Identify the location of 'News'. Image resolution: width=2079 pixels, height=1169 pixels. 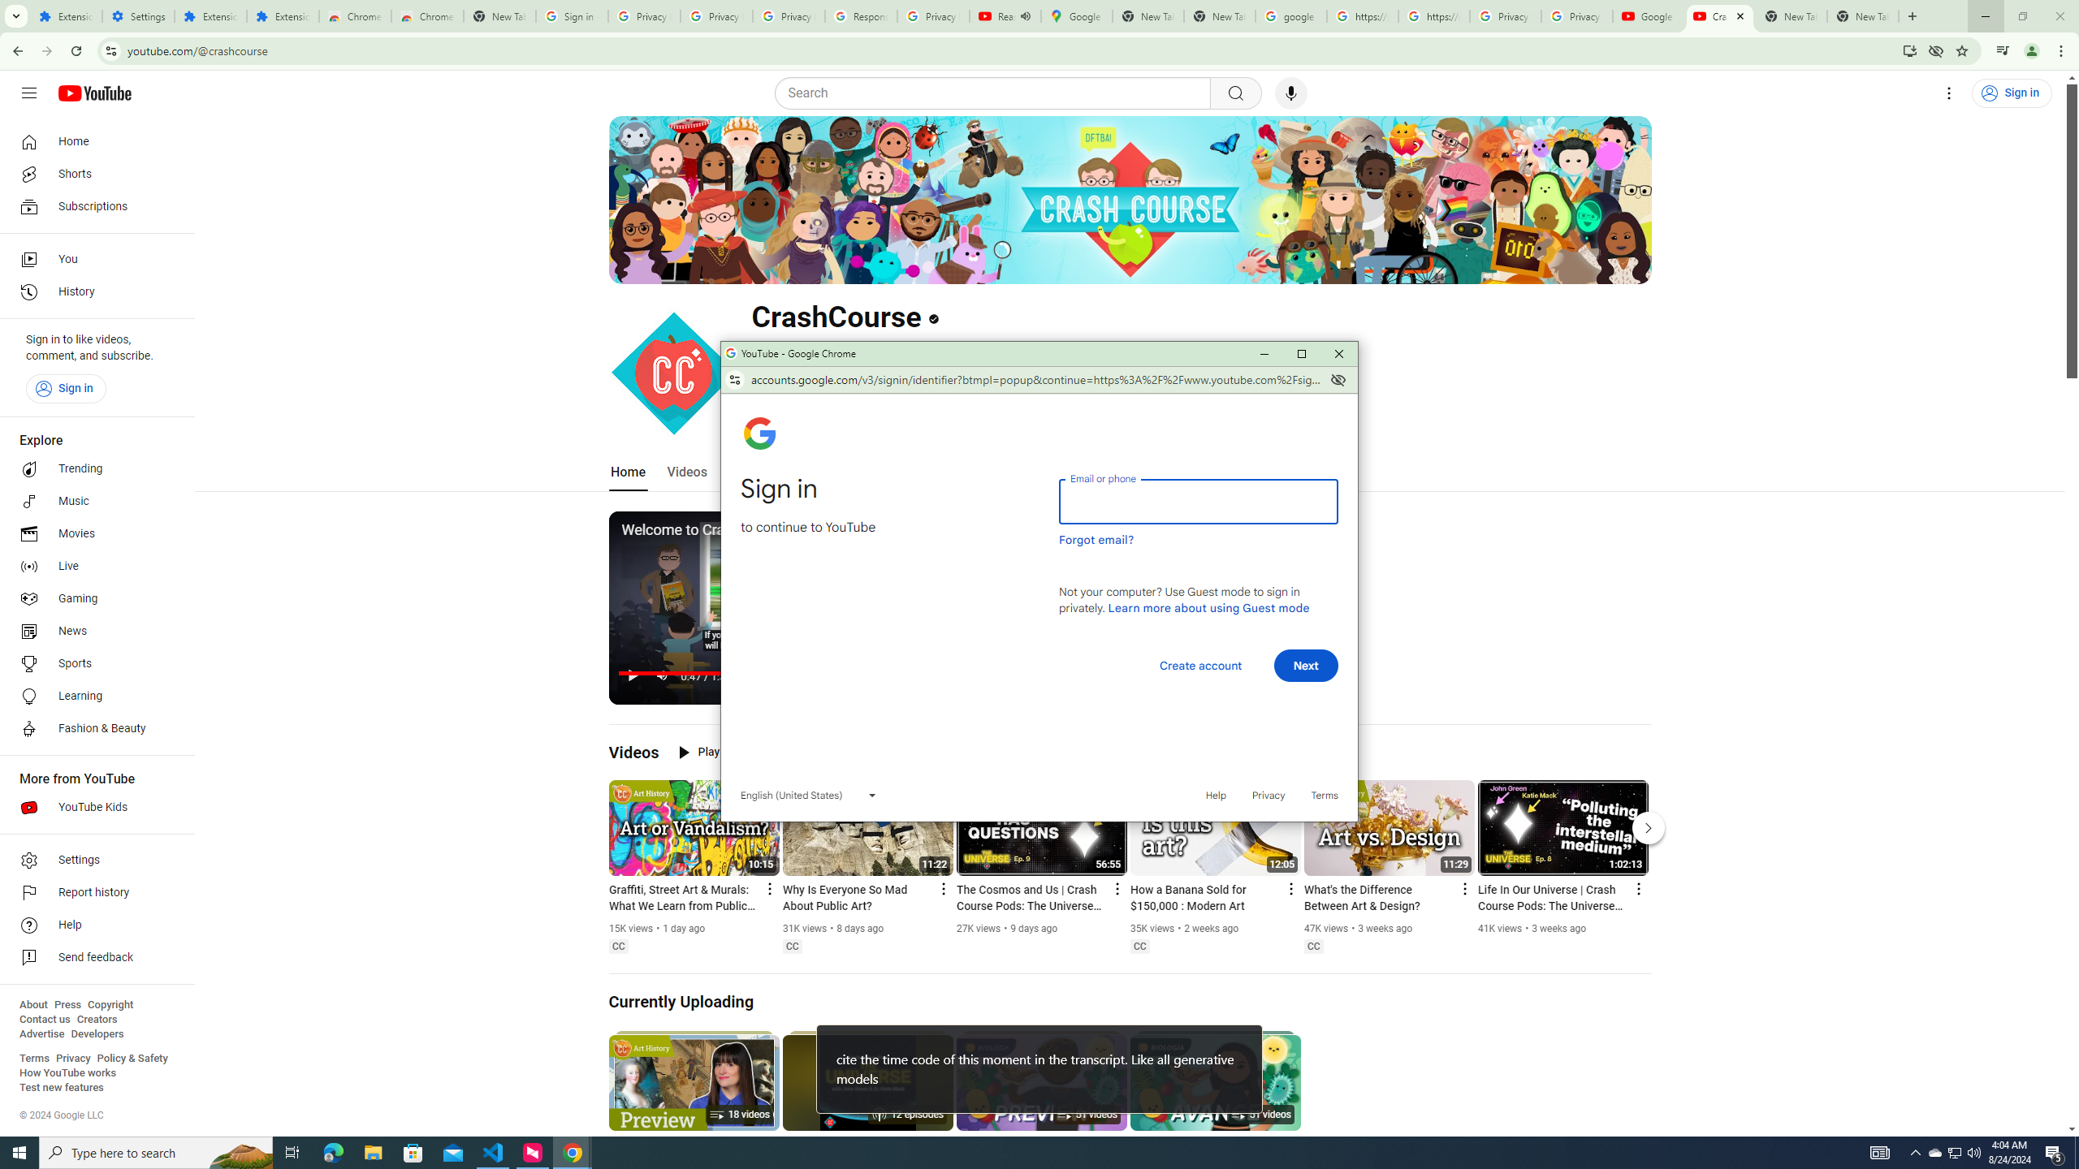
(92, 631).